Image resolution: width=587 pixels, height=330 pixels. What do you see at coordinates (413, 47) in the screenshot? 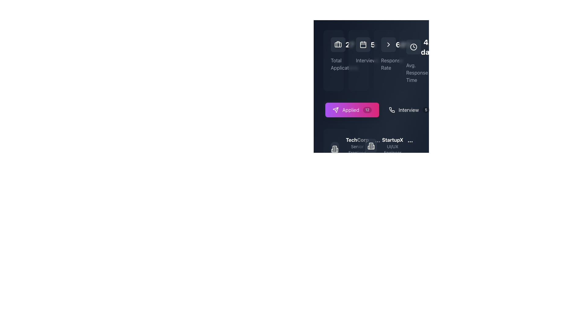
I see `the average response time icon located immediately to the left of the text '4.2 days' in the top-right quadrant of the interface` at bounding box center [413, 47].